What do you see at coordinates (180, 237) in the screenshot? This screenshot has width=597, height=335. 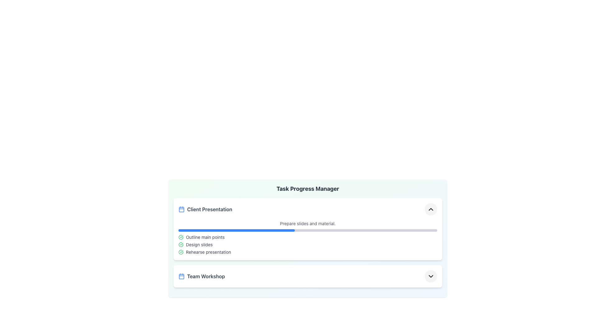 I see `the circular green check mark icon indicating task completion, located in the 'Outline main points' task row, to the left of the text label` at bounding box center [180, 237].